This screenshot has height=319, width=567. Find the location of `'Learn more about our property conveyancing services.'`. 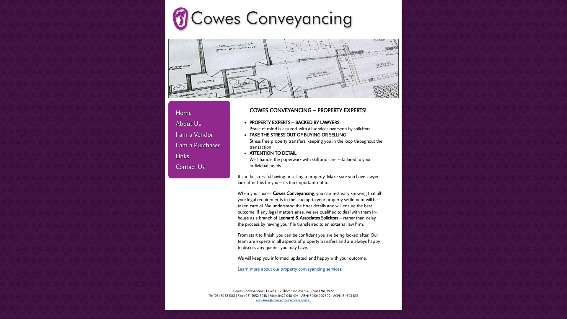

'Learn more about our property conveyancing services.' is located at coordinates (290, 269).